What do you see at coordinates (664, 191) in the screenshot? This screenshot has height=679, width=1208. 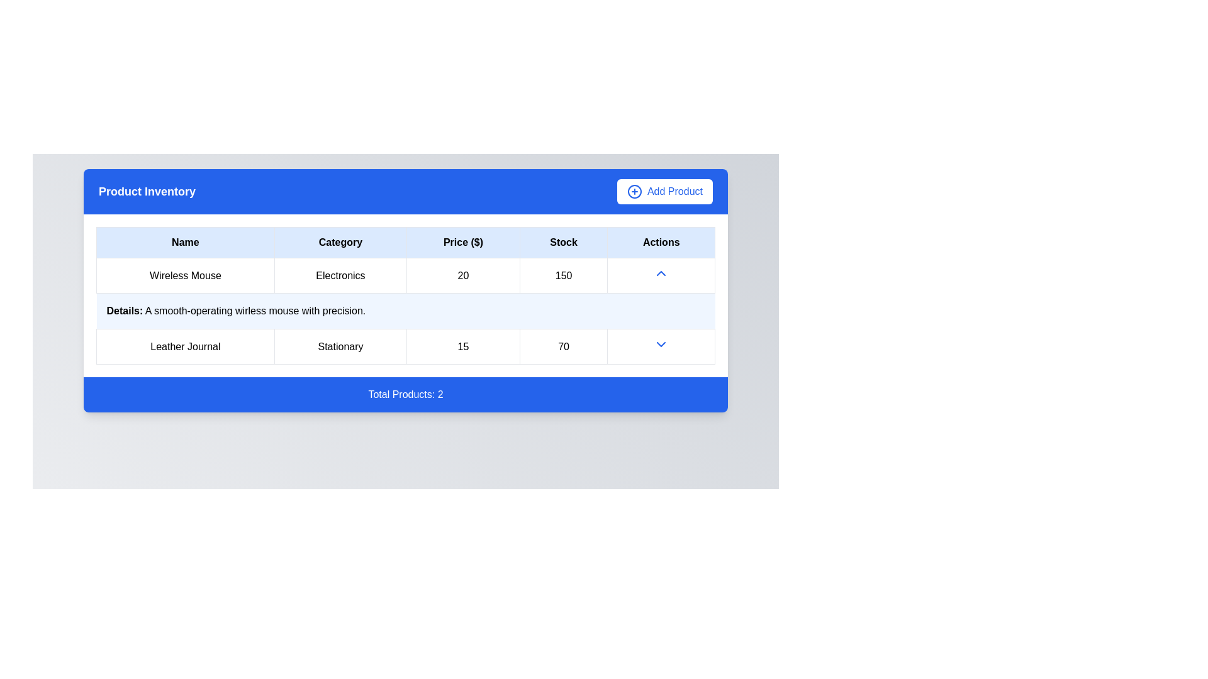 I see `the 'Add Product' button, which is a rectangular button with rounded corners and a blue text color on a white background, located in the top-right corner beside the 'Product Inventory' label` at bounding box center [664, 191].